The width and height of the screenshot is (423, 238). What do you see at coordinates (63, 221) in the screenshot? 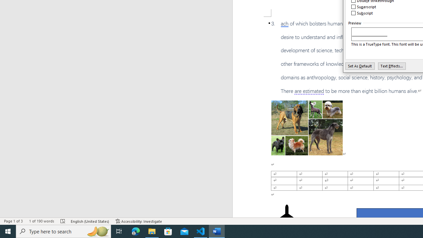
I see `'Spelling and Grammar Check Errors'` at bounding box center [63, 221].